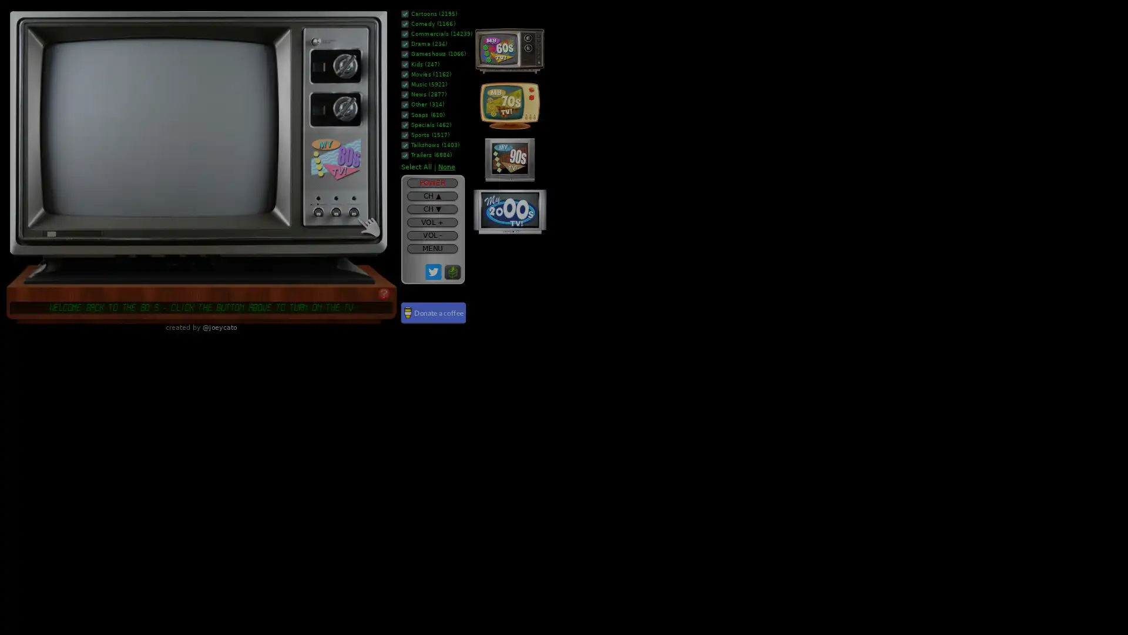  What do you see at coordinates (431, 222) in the screenshot?
I see `VOL +` at bounding box center [431, 222].